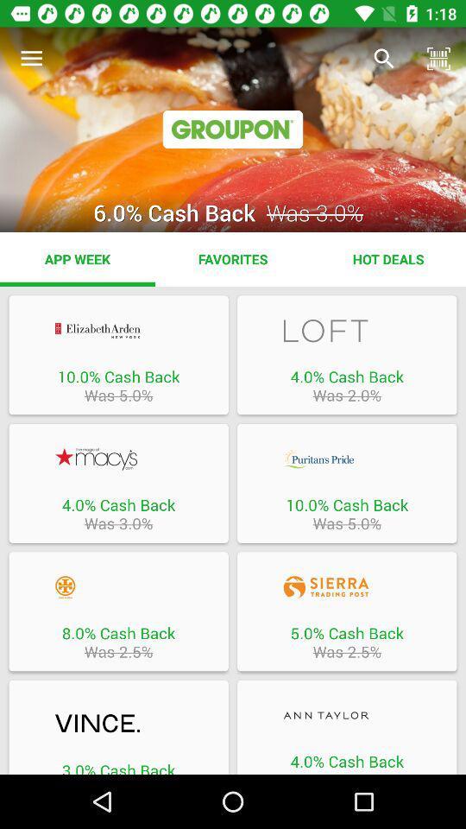 Image resolution: width=466 pixels, height=829 pixels. I want to click on its just an word, so click(347, 715).